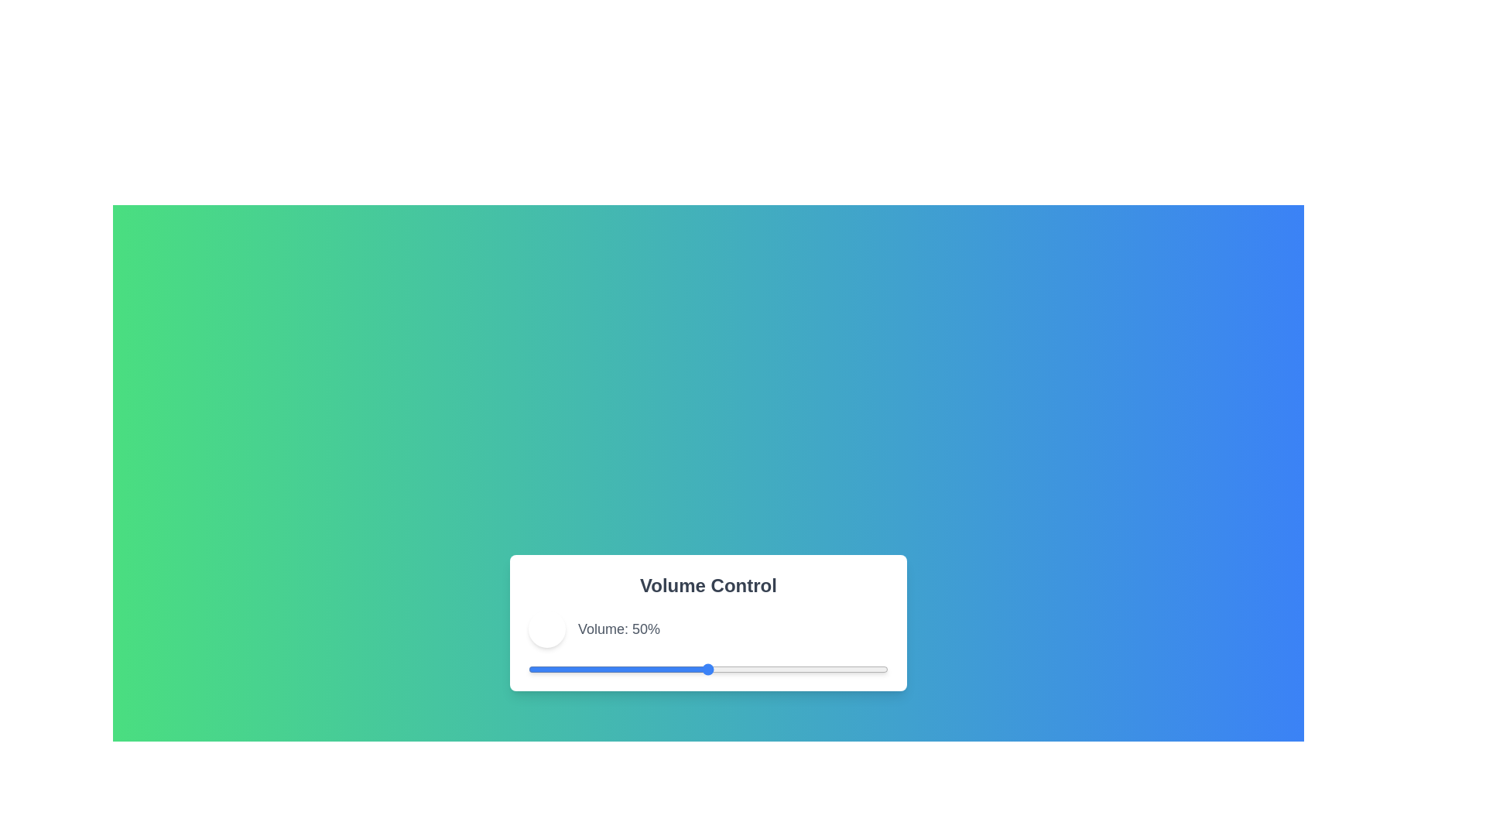 Image resolution: width=1486 pixels, height=836 pixels. What do you see at coordinates (543, 668) in the screenshot?
I see `the slider` at bounding box center [543, 668].